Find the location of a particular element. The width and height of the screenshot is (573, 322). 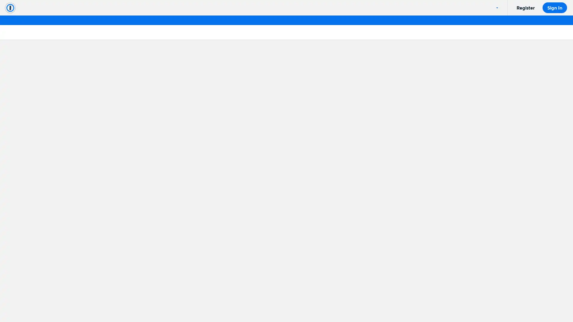

Cookie Preferences is located at coordinates (405, 304).